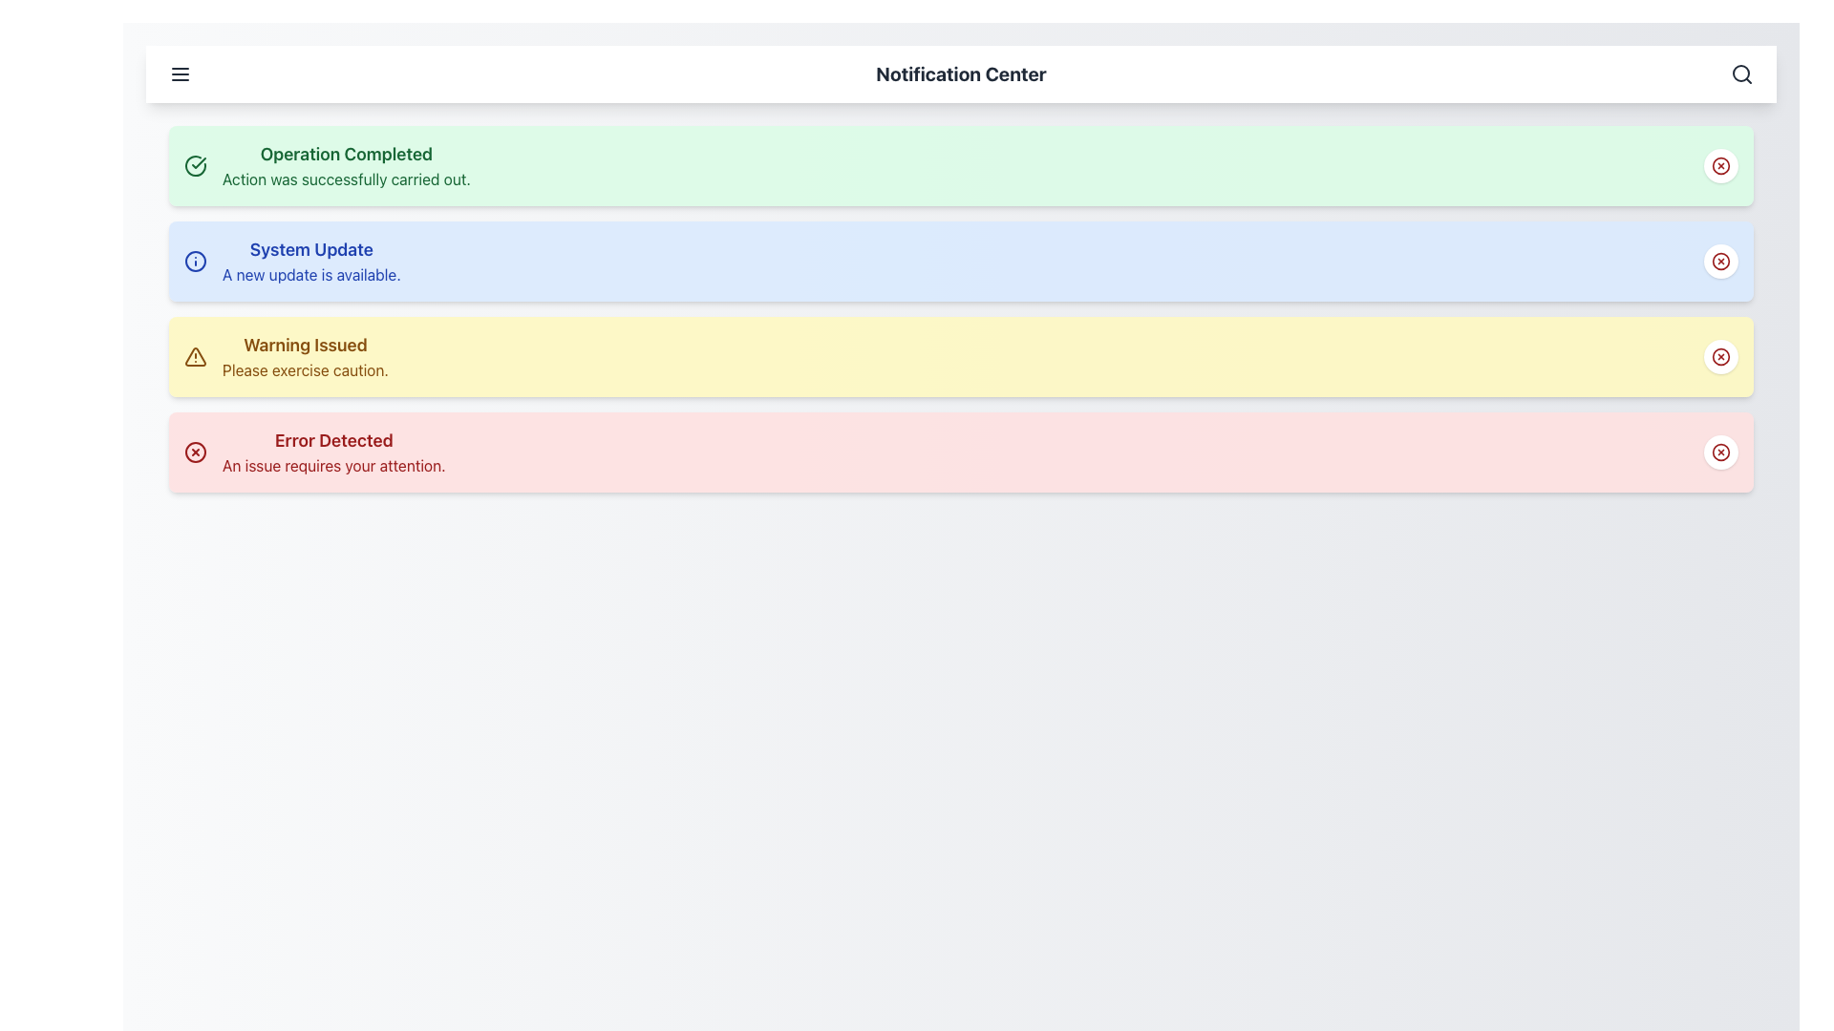 The height and width of the screenshot is (1031, 1834). Describe the element at coordinates (333, 441) in the screenshot. I see `the 'Error Detected' heading, which is the title of the notification card in the Notification Center interface` at that location.